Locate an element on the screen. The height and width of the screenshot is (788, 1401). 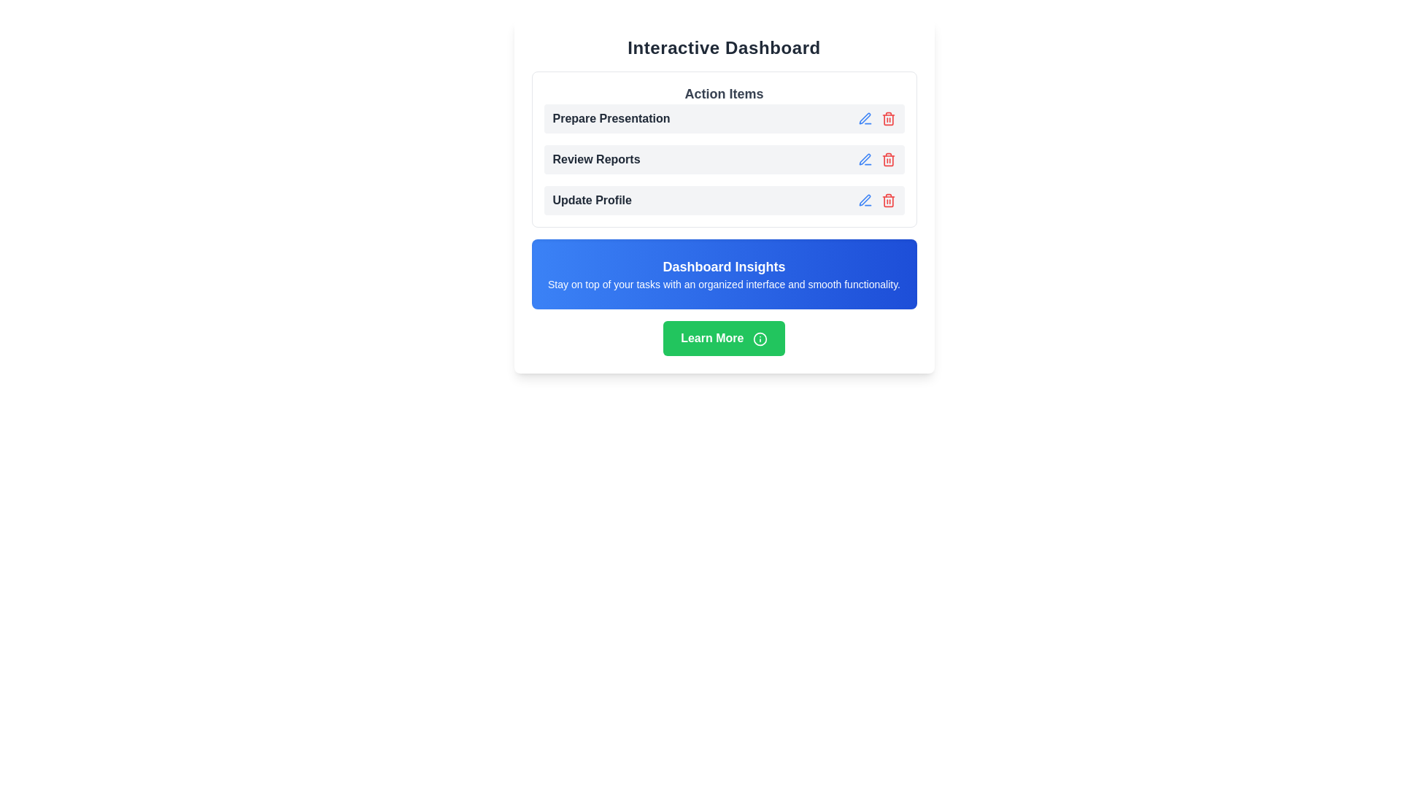
the pen-like icon button styled in blue shades, which is the first button in the 'Update Profile' action item row is located at coordinates (865, 200).